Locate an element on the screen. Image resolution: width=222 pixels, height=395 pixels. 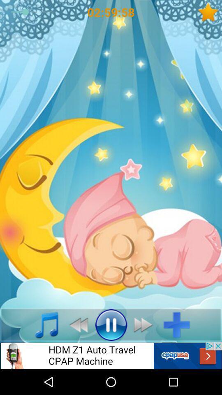
option is located at coordinates (179, 325).